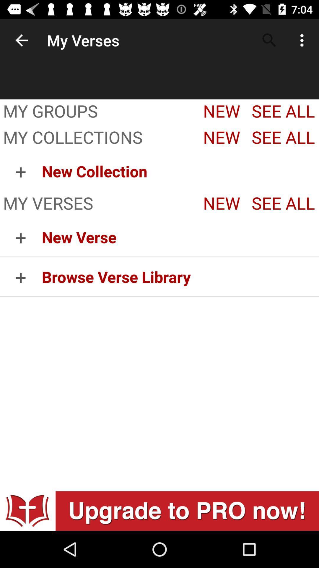 The height and width of the screenshot is (568, 319). I want to click on the browse verse library icon, so click(180, 276).